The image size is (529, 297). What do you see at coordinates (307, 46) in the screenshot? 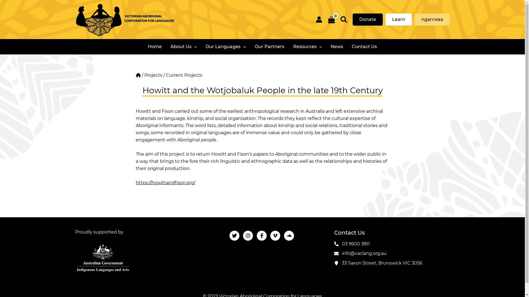
I see `'Resources'` at bounding box center [307, 46].